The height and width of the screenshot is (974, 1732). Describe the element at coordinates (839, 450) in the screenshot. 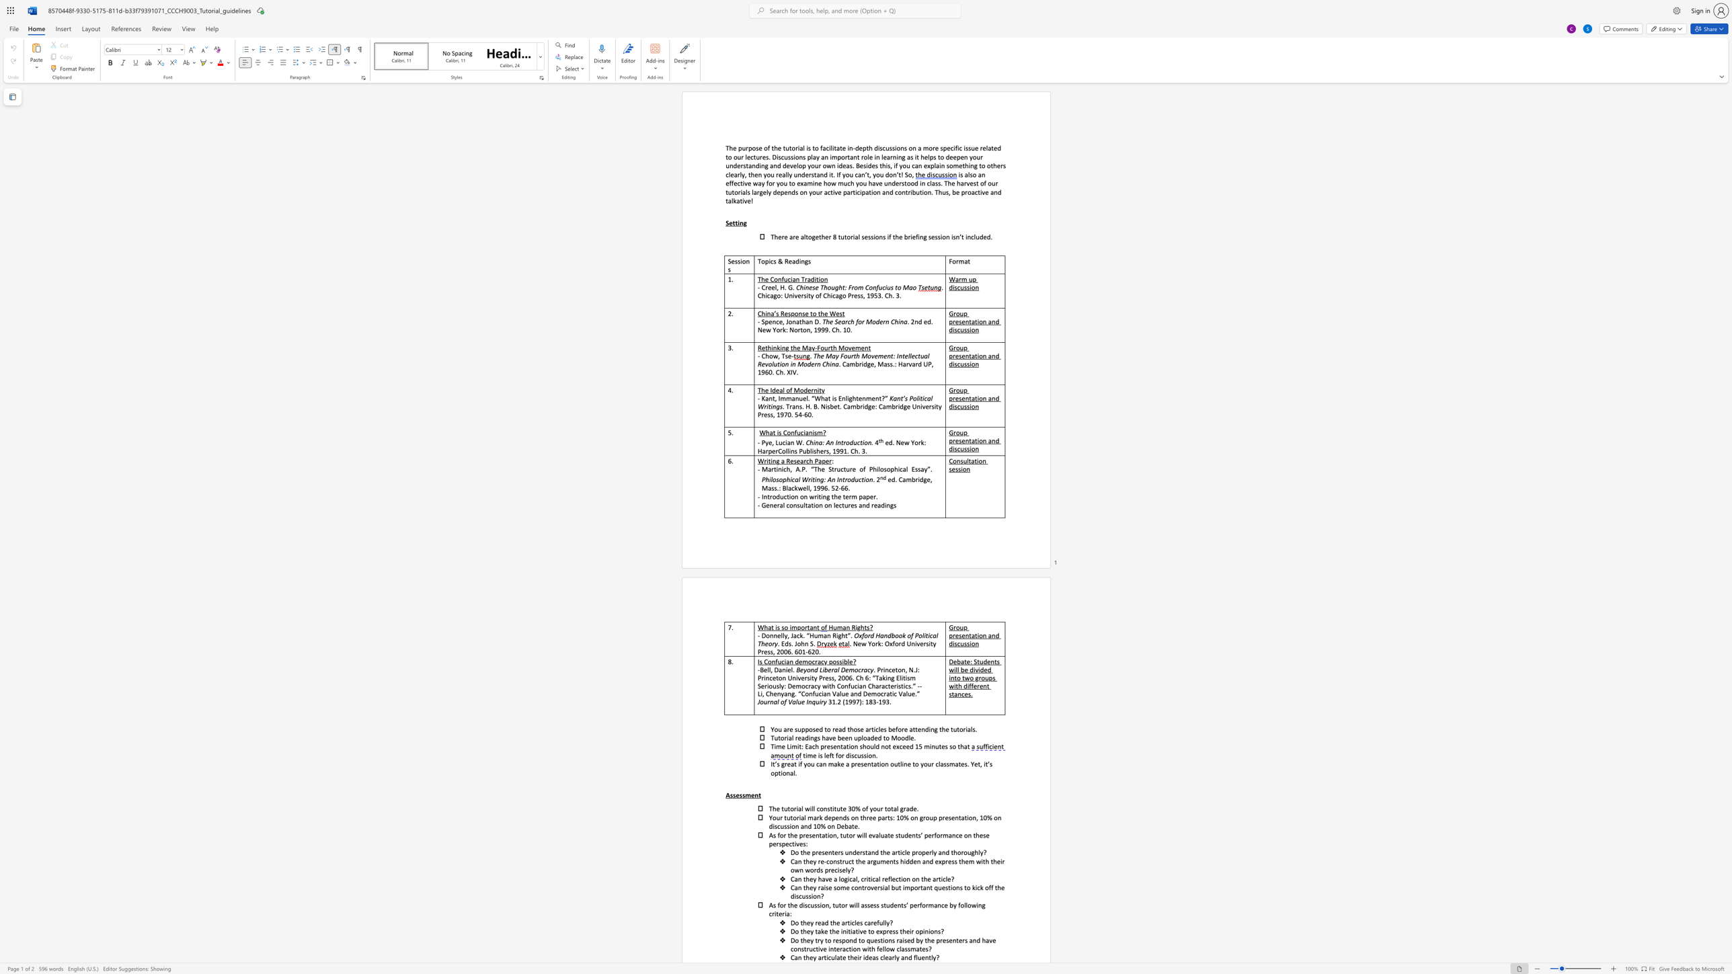

I see `the subset text "91." within the text "HarperCollins Publishers, 1991. Ch. 3."` at that location.